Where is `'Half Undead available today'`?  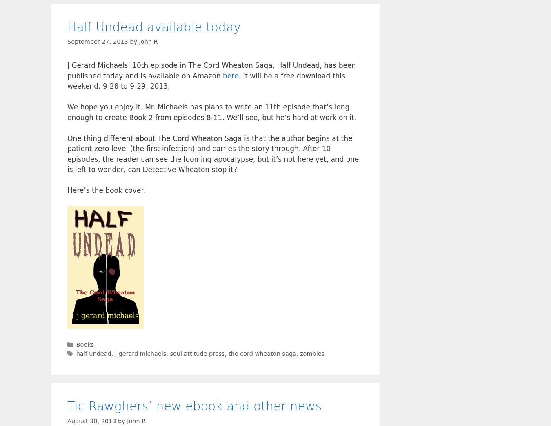 'Half Undead available today' is located at coordinates (154, 27).